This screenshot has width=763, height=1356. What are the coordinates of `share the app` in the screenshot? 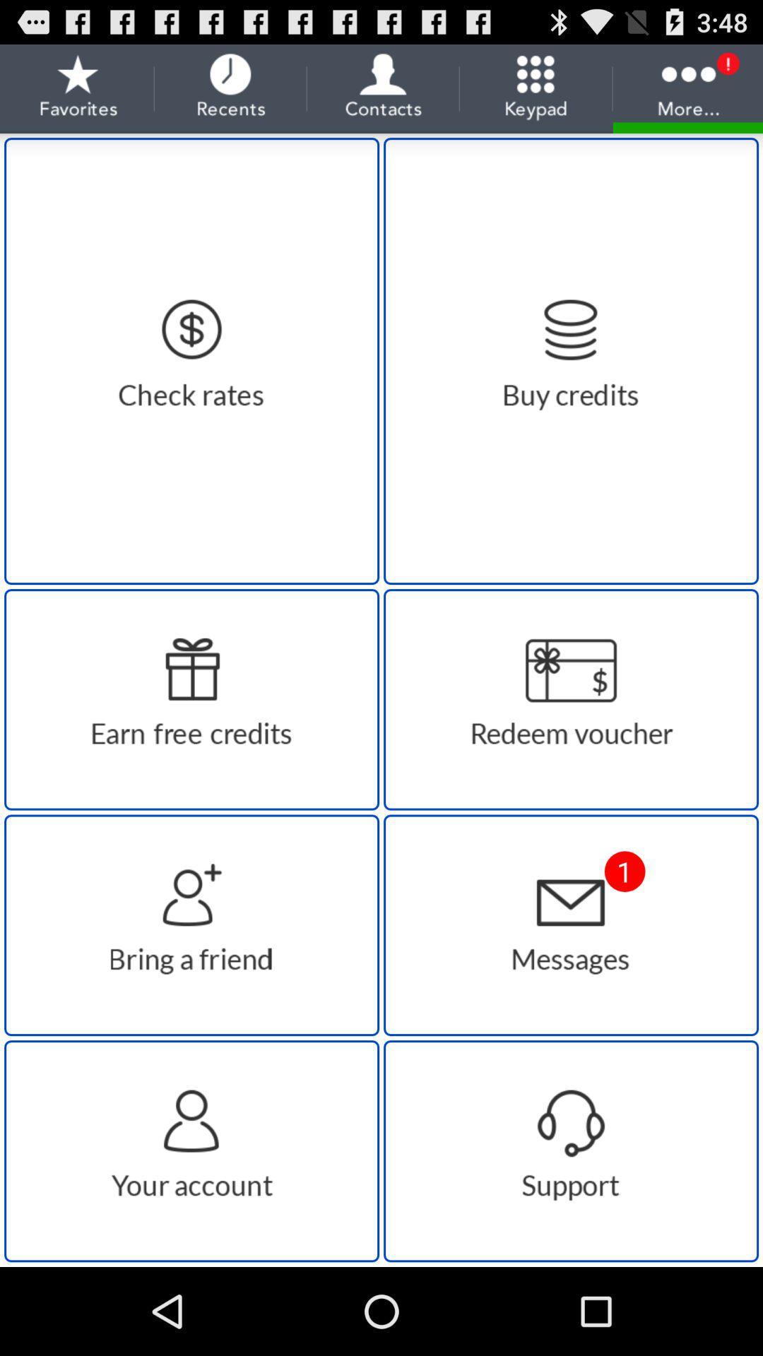 It's located at (191, 925).